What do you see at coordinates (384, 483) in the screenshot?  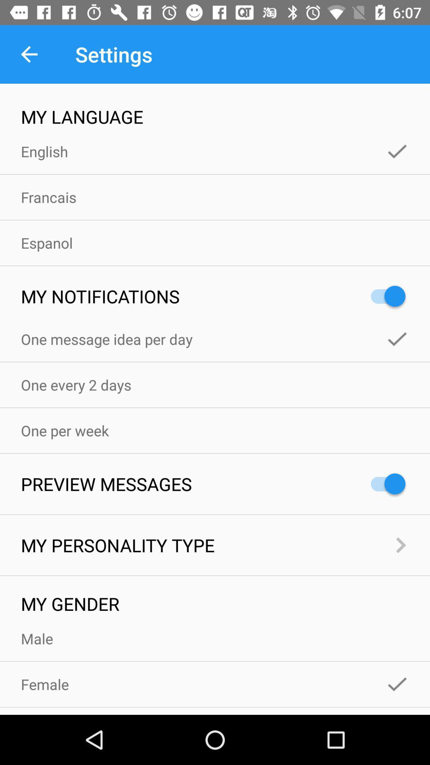 I see `item next to the preview messages` at bounding box center [384, 483].